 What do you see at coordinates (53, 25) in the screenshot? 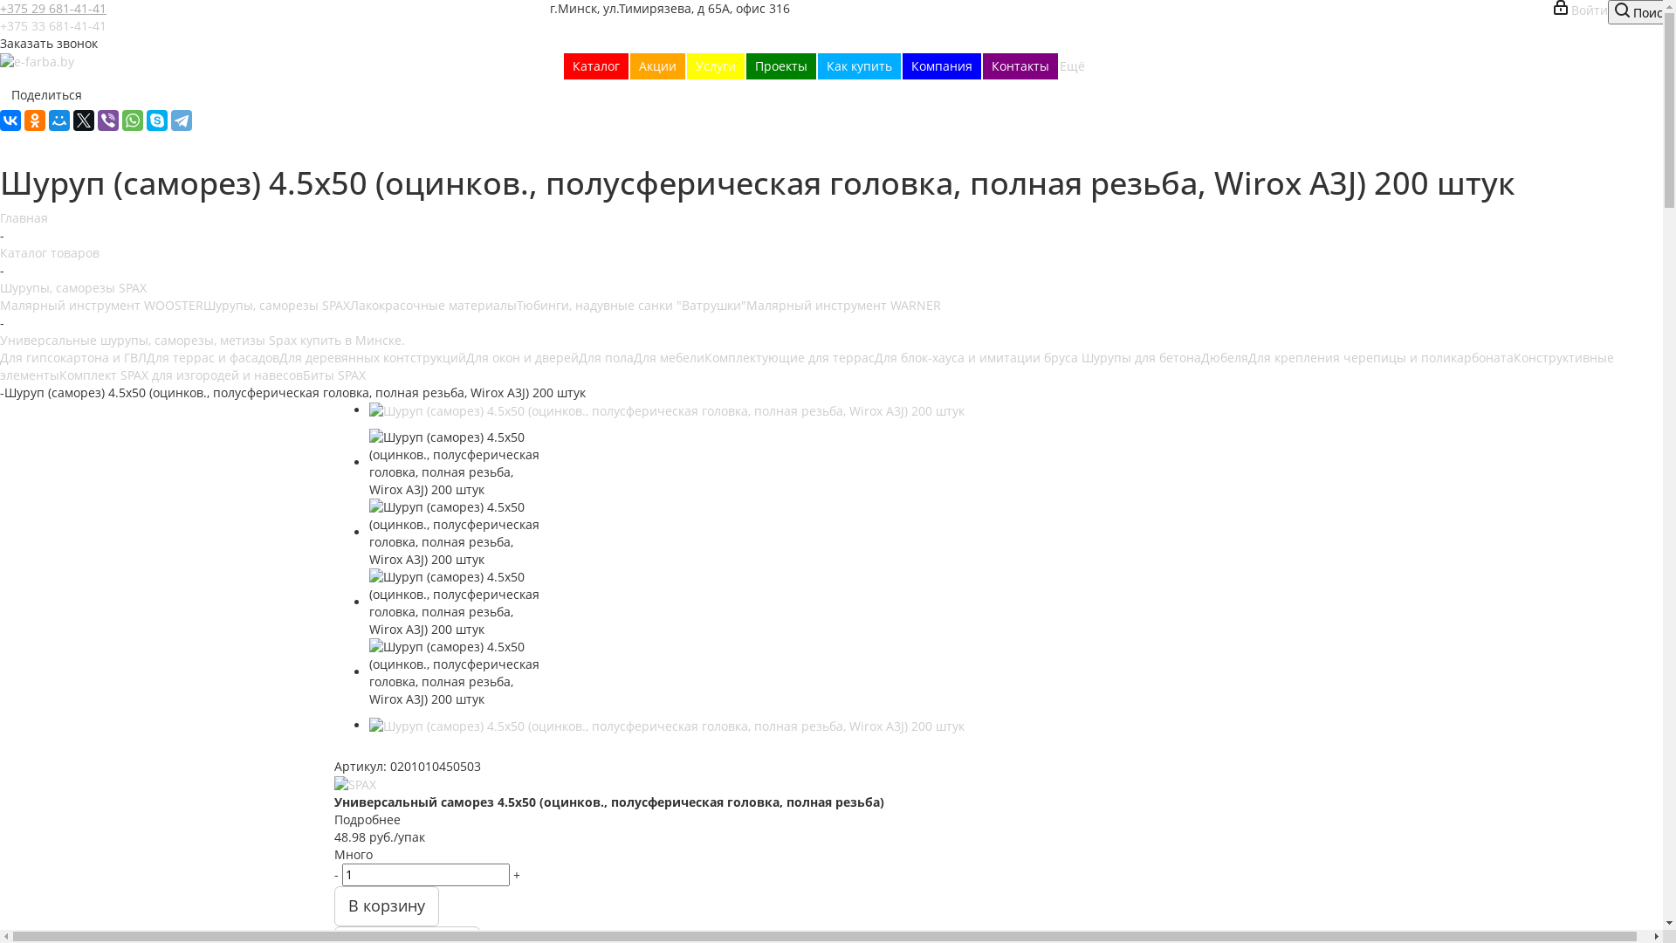
I see `'+375 33 681-41-41'` at bounding box center [53, 25].